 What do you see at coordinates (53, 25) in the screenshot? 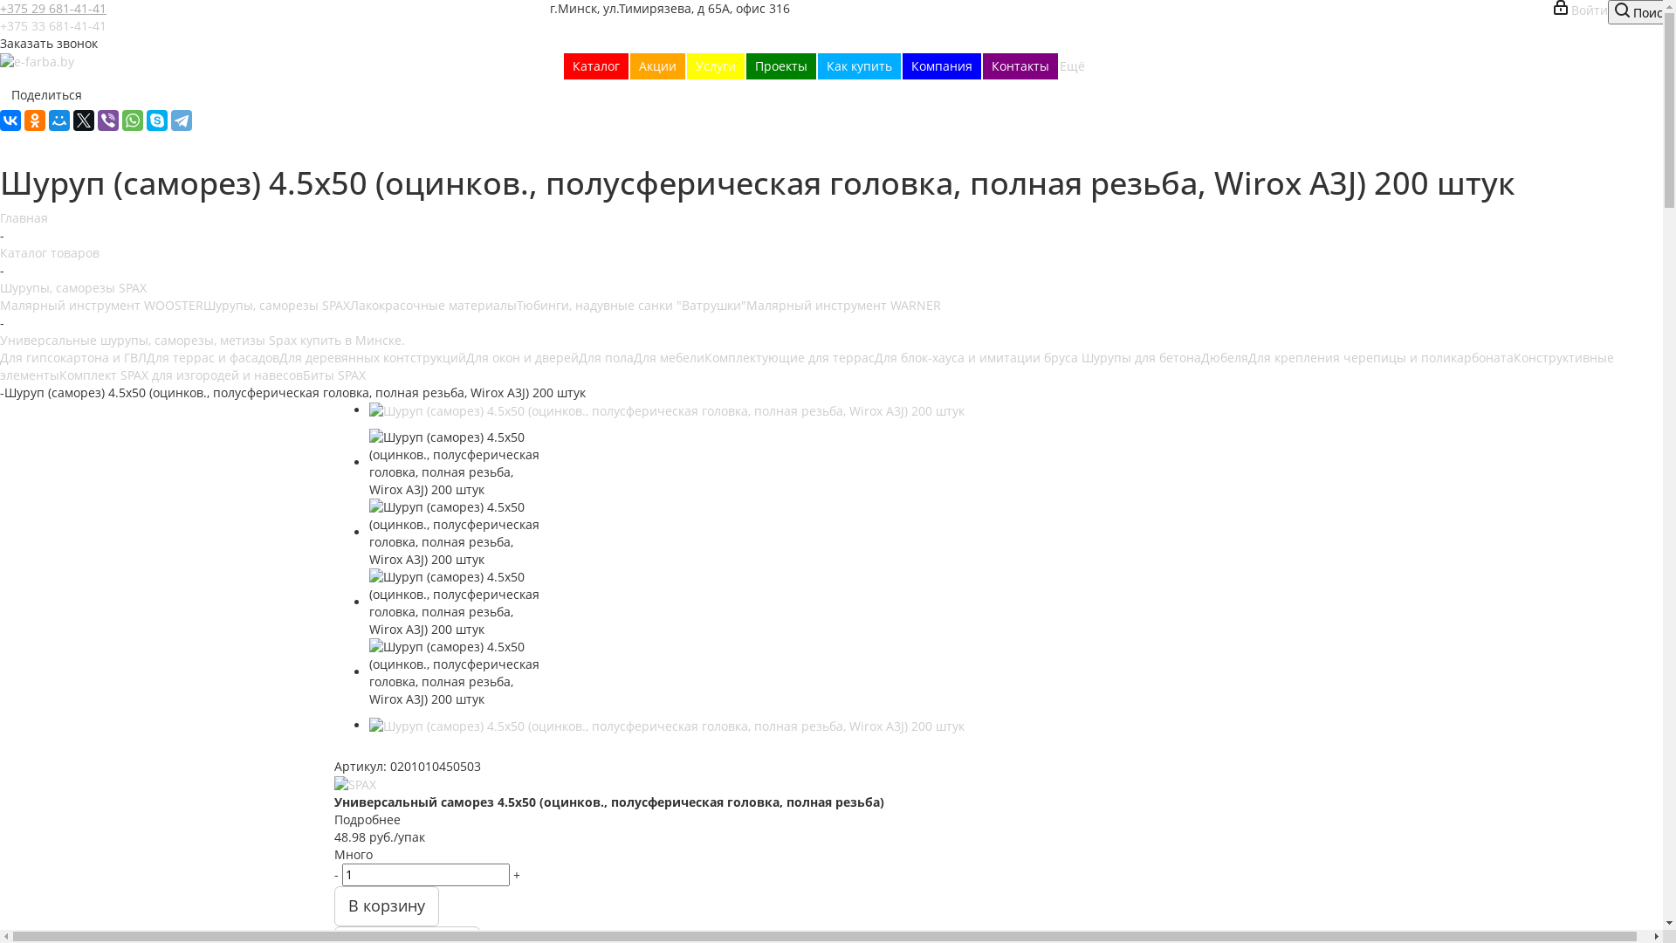
I see `'+375 33 681-41-41'` at bounding box center [53, 25].